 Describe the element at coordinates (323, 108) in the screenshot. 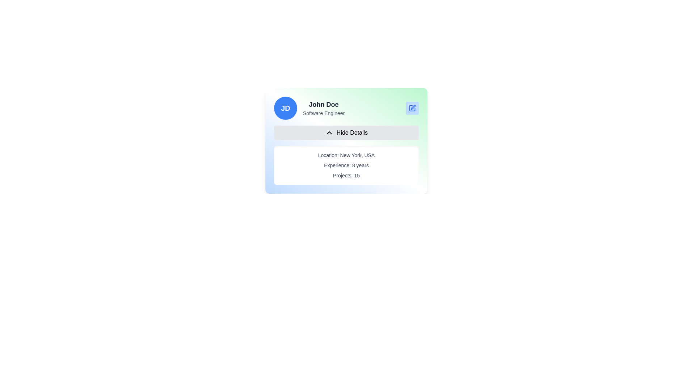

I see `the Text Display element that shows 'John Doe' in bold dark gray and 'Software Engineer' in lighter gray, located to the right of a blue circular badge with initials 'JD'` at that location.